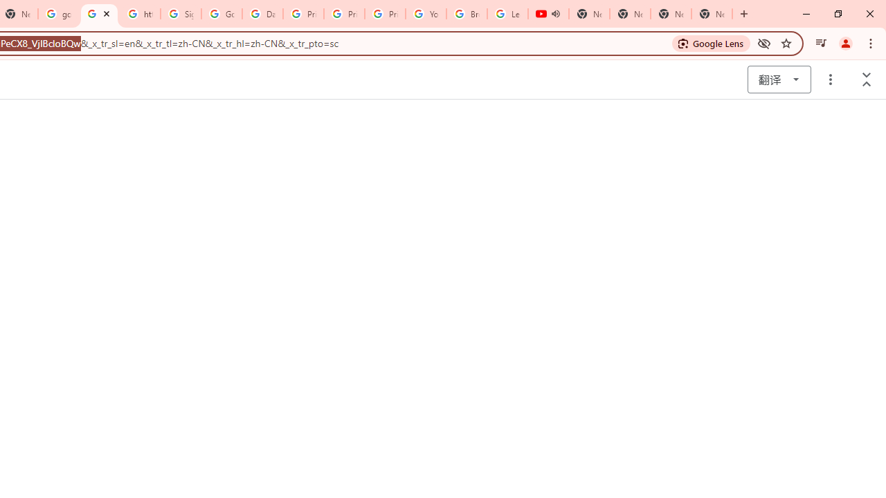 The height and width of the screenshot is (498, 886). Describe the element at coordinates (712, 14) in the screenshot. I see `'New Tab'` at that location.